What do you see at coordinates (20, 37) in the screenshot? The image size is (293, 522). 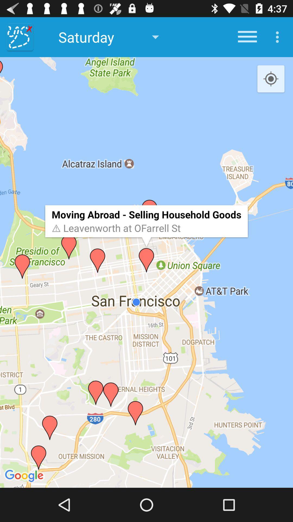 I see `rout map` at bounding box center [20, 37].